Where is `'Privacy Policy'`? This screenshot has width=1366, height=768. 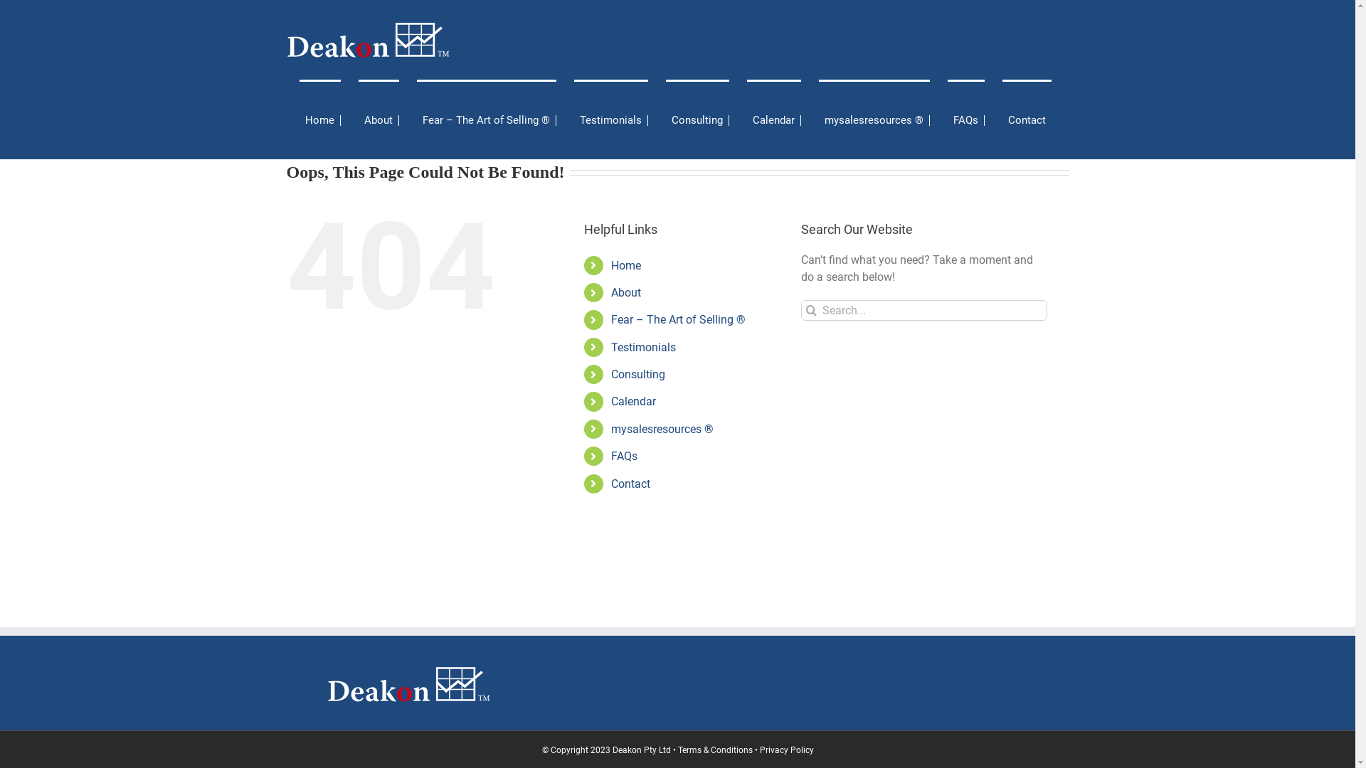 'Privacy Policy' is located at coordinates (785, 750).